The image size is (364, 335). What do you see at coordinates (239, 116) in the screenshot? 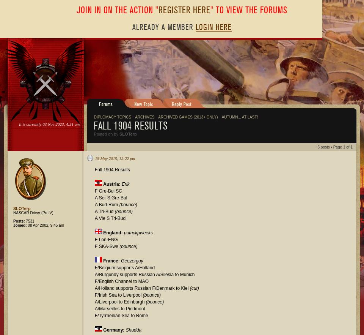
I see `'Autumn... at last!'` at bounding box center [239, 116].